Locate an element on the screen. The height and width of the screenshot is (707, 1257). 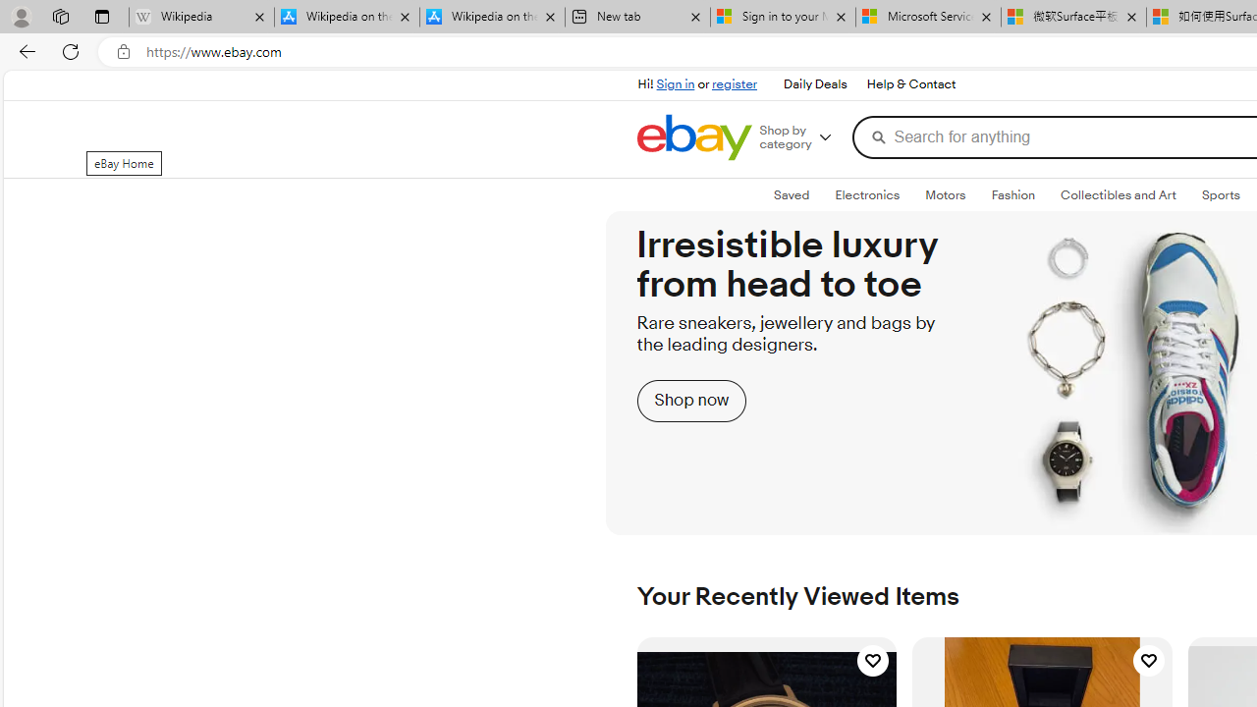
'Daily Deals' is located at coordinates (814, 83).